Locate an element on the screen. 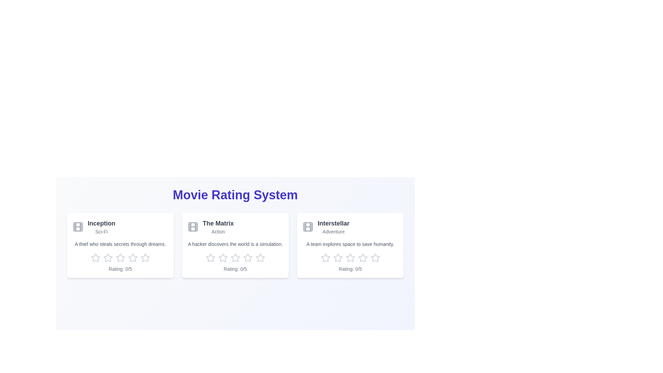 Image resolution: width=663 pixels, height=373 pixels. the movie title to open its detailed view is located at coordinates (101, 223).